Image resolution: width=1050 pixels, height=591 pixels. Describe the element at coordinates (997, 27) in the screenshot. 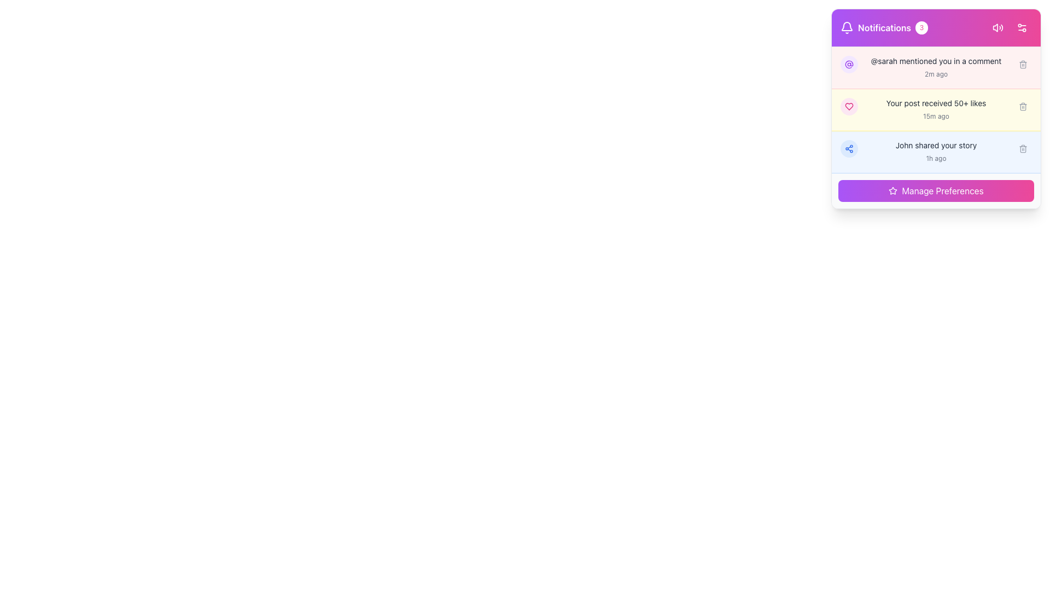

I see `the speaker icon button with sound waves` at that location.